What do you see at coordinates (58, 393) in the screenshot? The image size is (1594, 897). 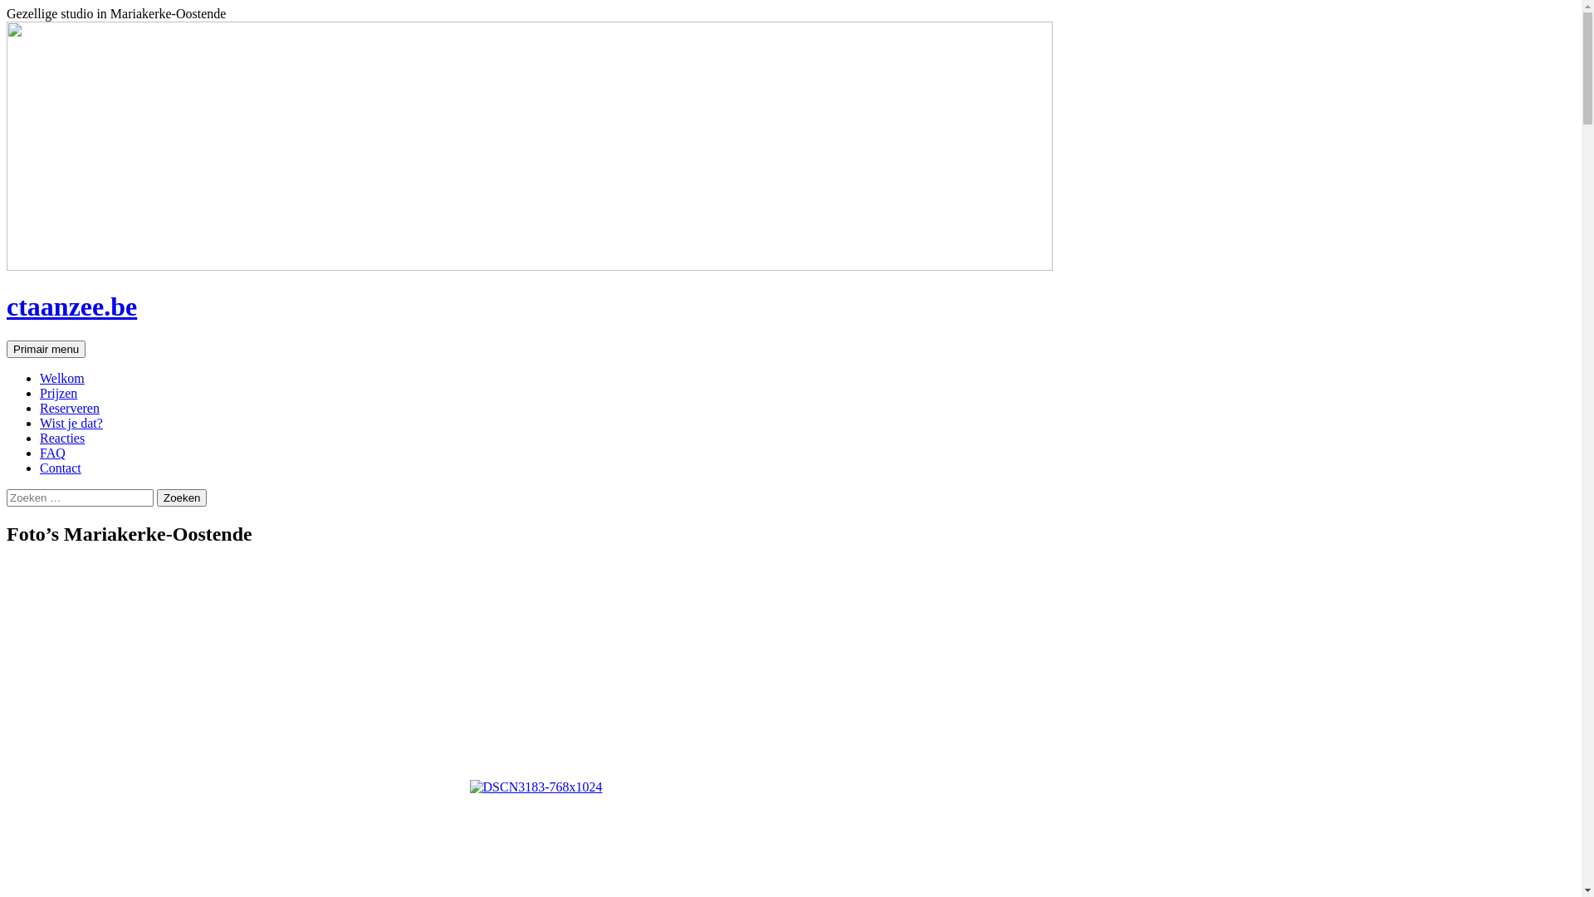 I see `'Prijzen'` at bounding box center [58, 393].